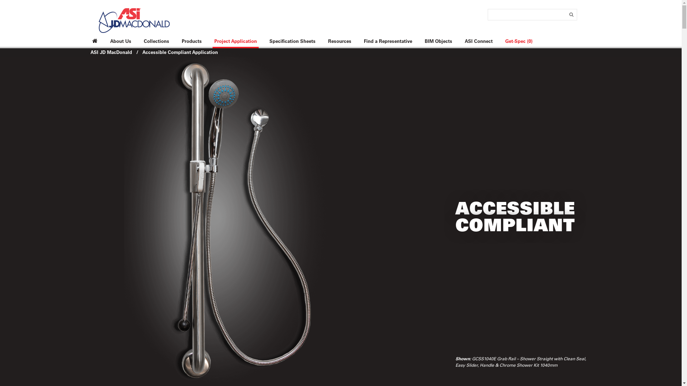 The height and width of the screenshot is (386, 687). Describe the element at coordinates (388, 41) in the screenshot. I see `'Find a Representative'` at that location.